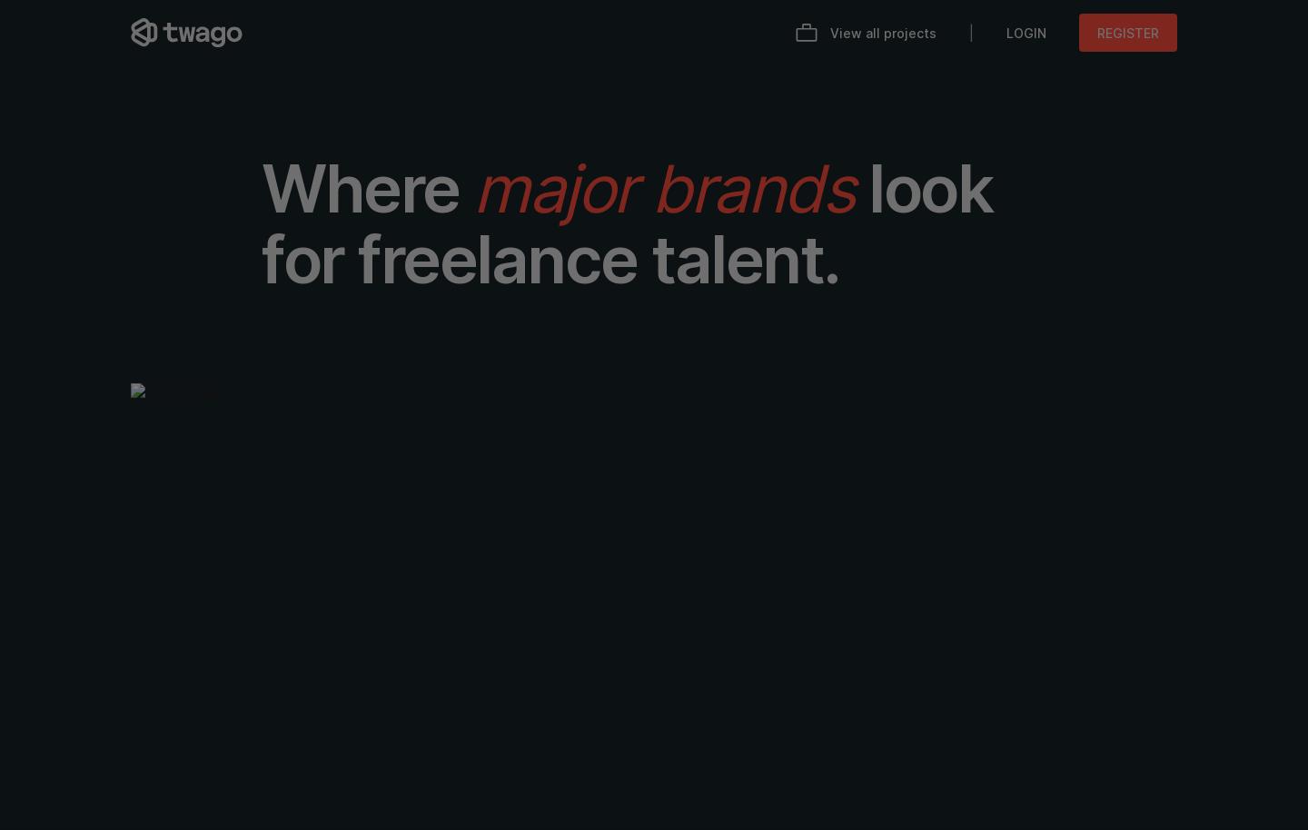  What do you see at coordinates (650, 259) in the screenshot?
I see `'talent.'` at bounding box center [650, 259].